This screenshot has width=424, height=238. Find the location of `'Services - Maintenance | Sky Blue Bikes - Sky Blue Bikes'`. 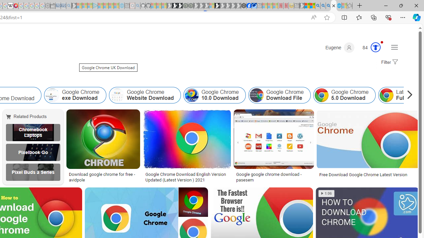

'Services - Maintenance | Sky Blue Bikes - Sky Blue Bikes' is located at coordinates (339, 6).